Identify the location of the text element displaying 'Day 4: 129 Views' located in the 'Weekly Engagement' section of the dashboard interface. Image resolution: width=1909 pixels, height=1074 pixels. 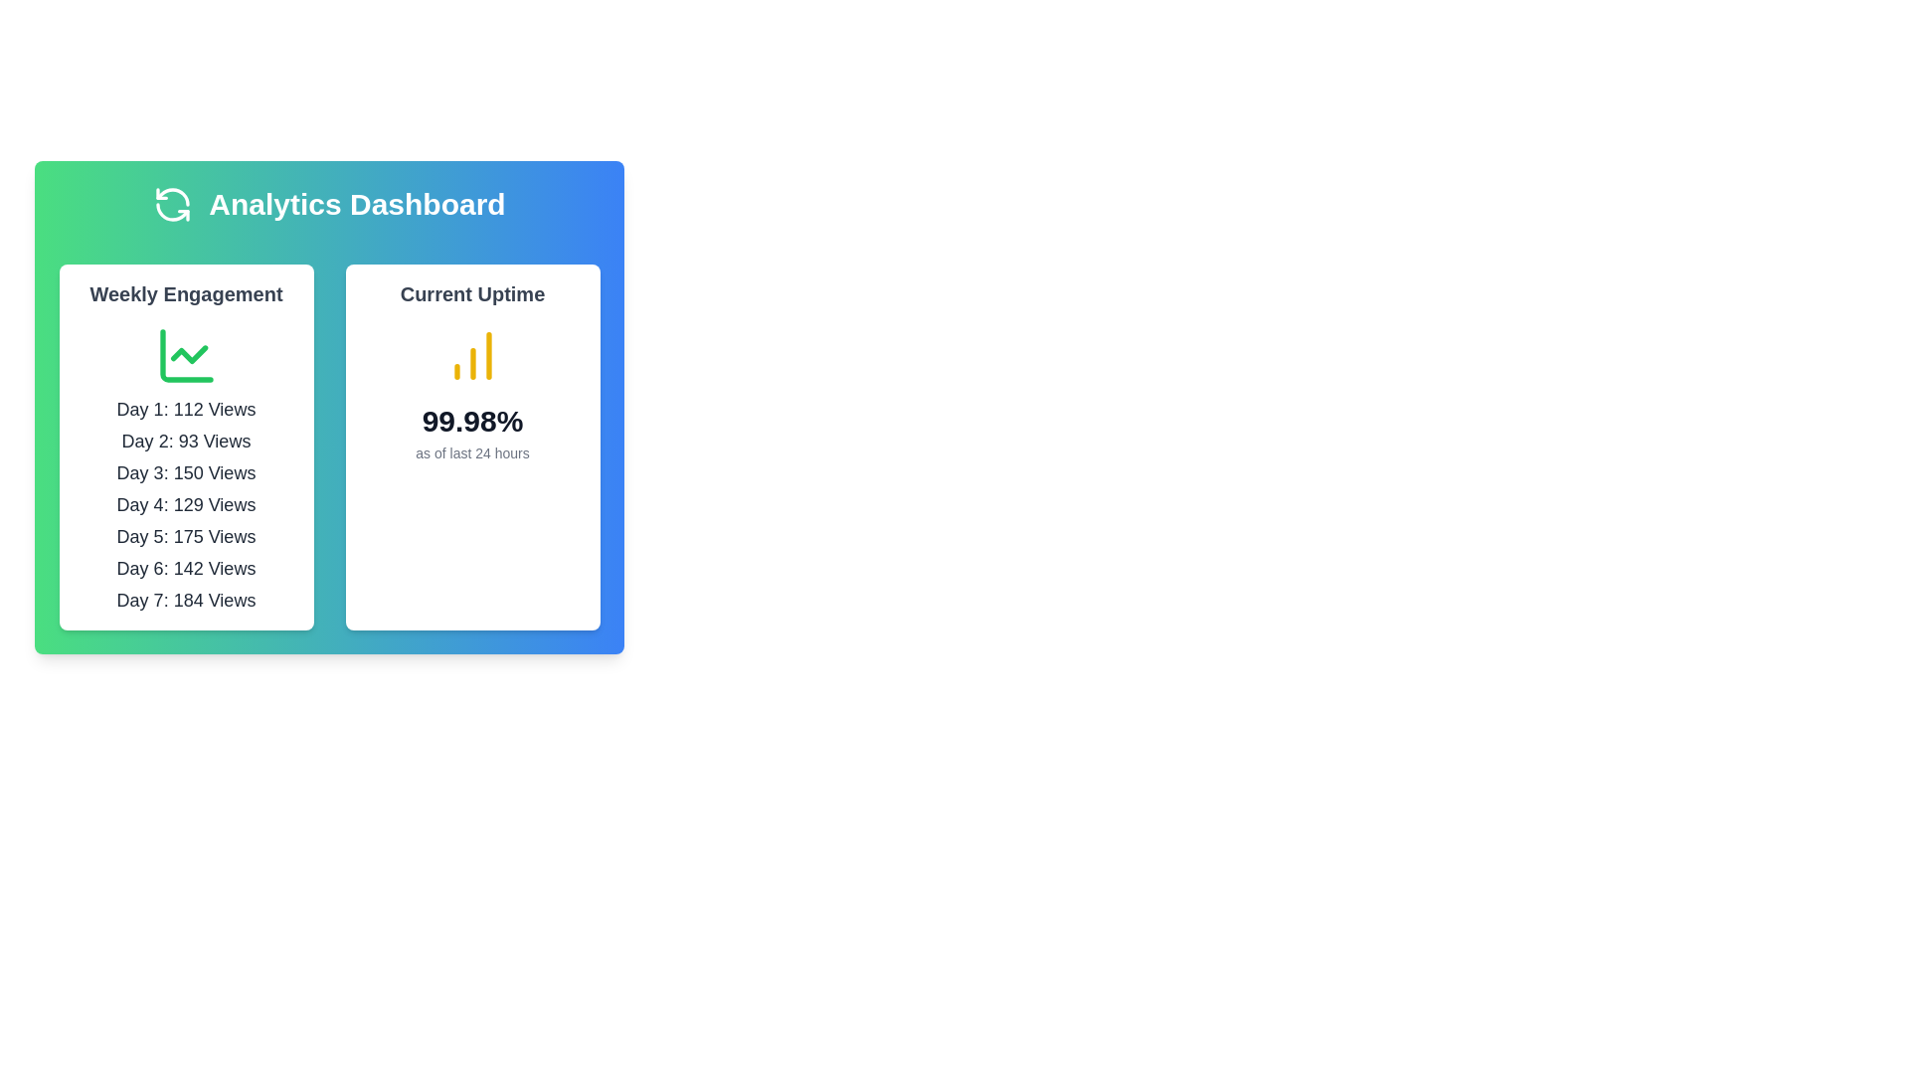
(186, 504).